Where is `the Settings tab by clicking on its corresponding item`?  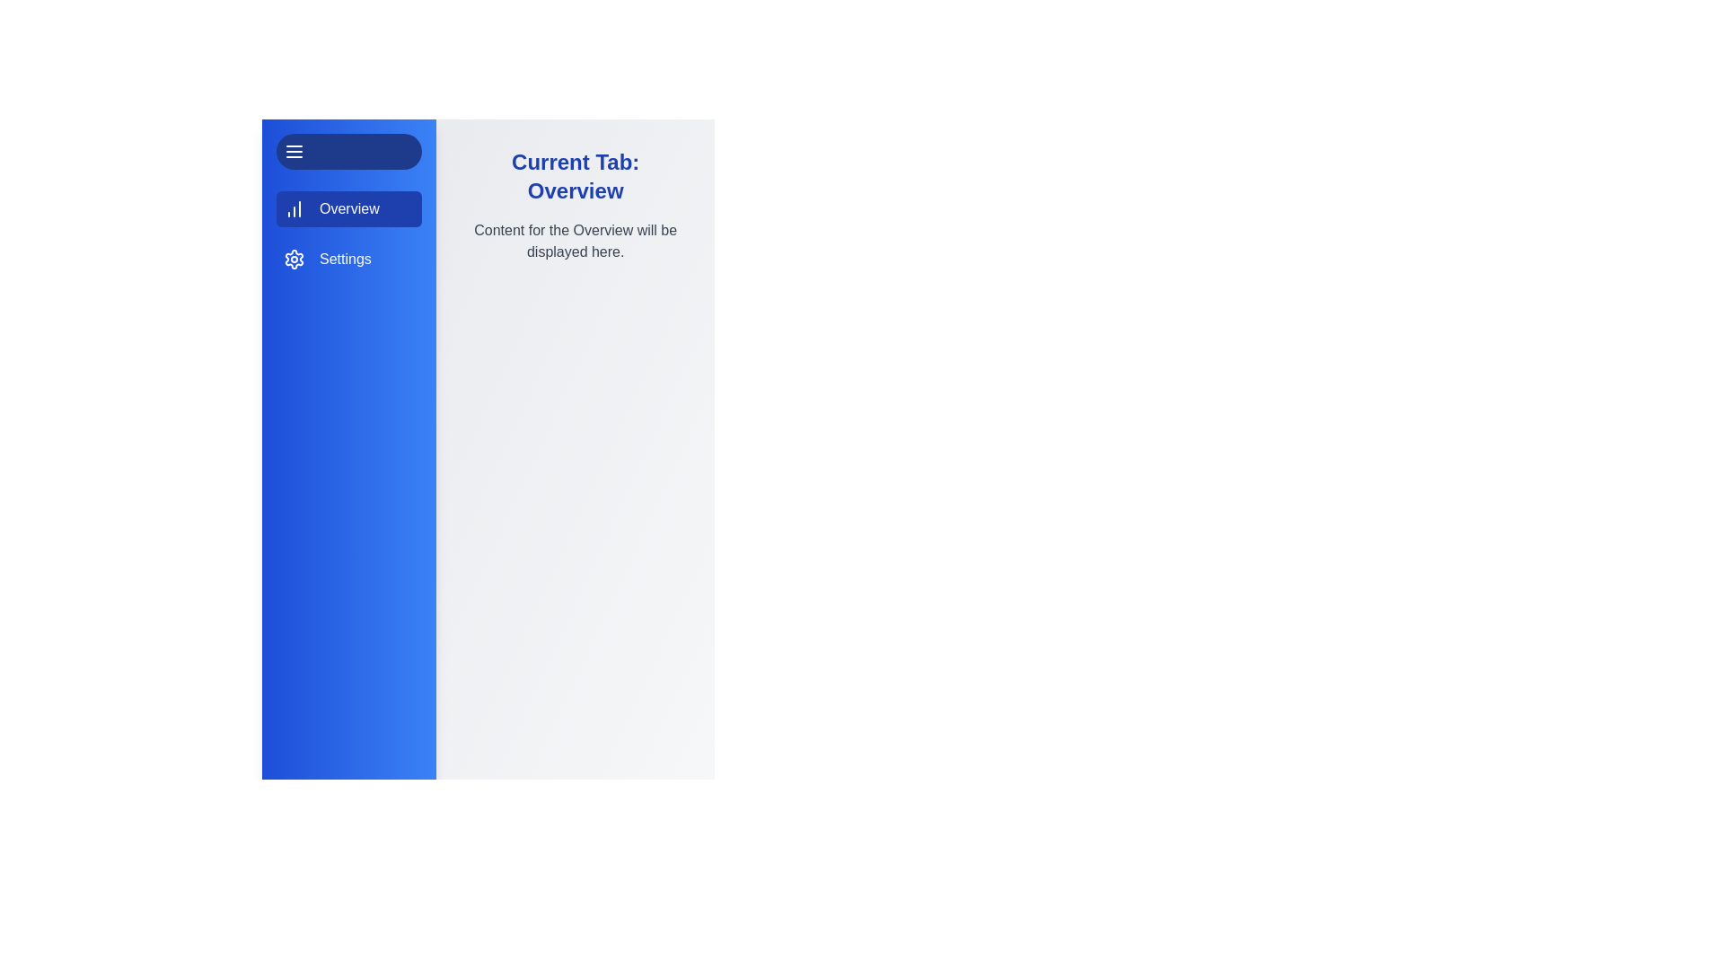 the Settings tab by clicking on its corresponding item is located at coordinates (349, 260).